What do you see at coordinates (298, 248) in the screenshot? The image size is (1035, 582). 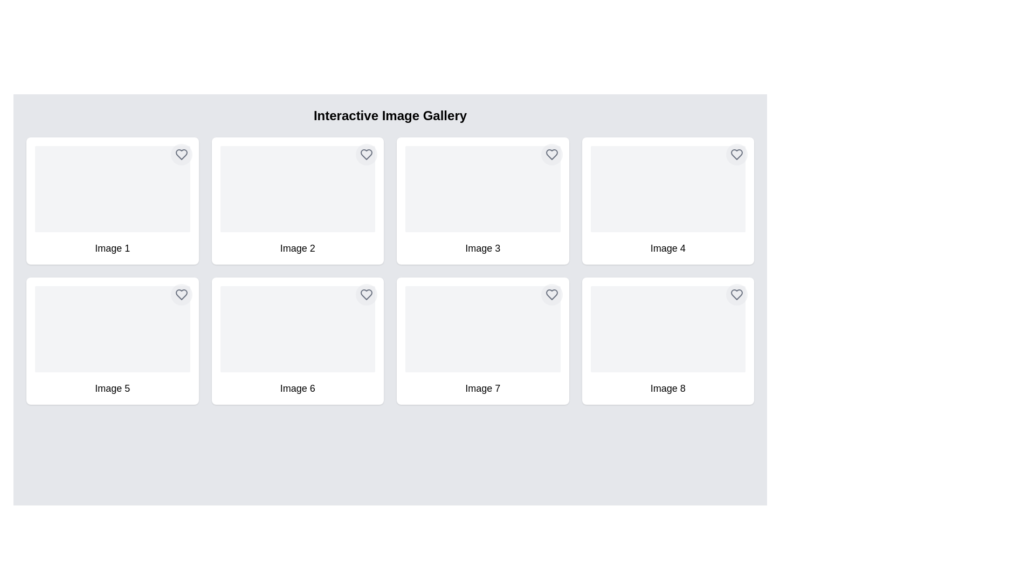 I see `the text label displaying 'Image 2', which is located beneath the gray placeholder image in the second card of a three-by-three grid layout` at bounding box center [298, 248].